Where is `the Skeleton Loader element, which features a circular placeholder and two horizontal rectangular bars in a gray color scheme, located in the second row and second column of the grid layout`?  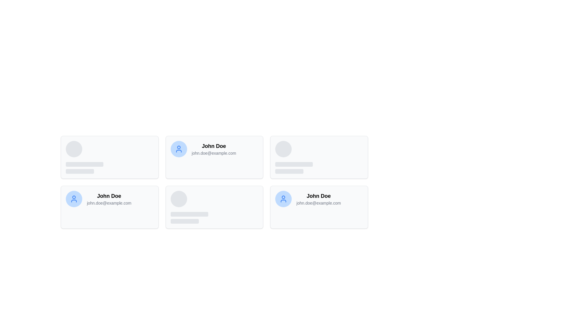 the Skeleton Loader element, which features a circular placeholder and two horizontal rectangular bars in a gray color scheme, located in the second row and second column of the grid layout is located at coordinates (189, 207).